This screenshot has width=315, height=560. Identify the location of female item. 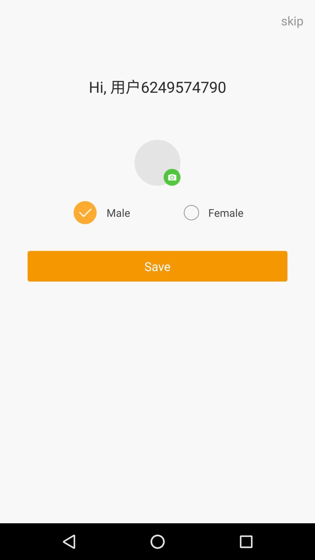
(213, 212).